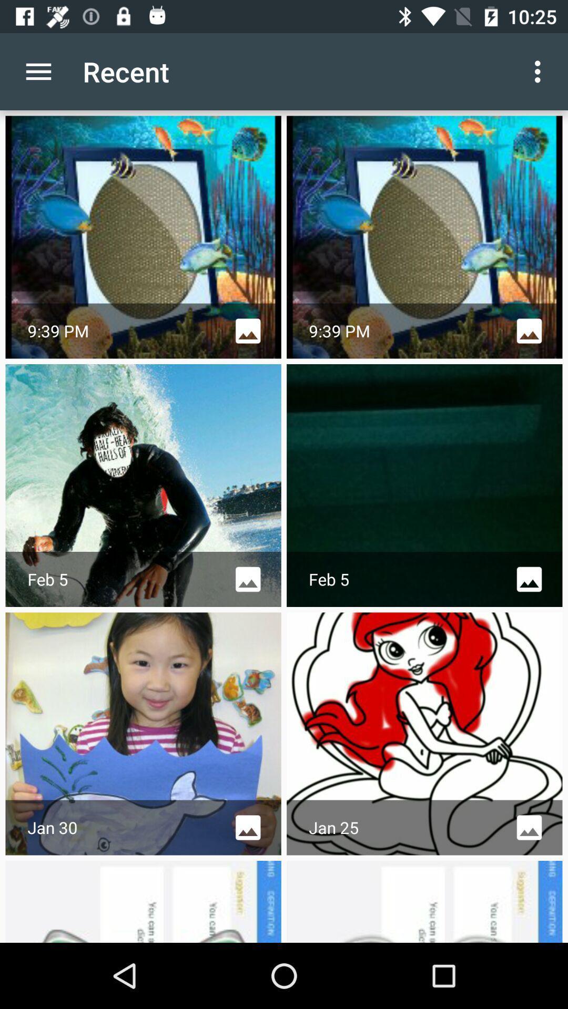 This screenshot has height=1009, width=568. What do you see at coordinates (540, 71) in the screenshot?
I see `app to the right of the recent item` at bounding box center [540, 71].